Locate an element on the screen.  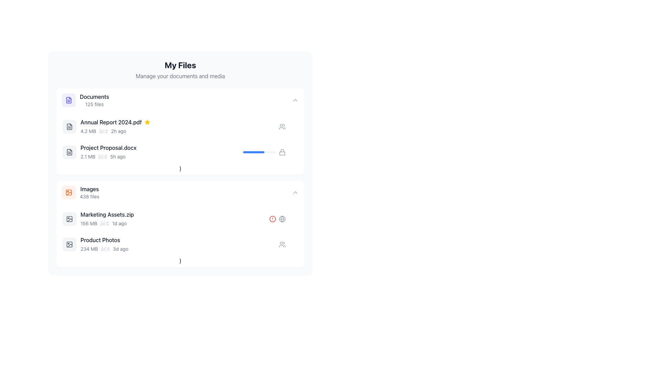
text displayed in the label showing '234 MB', which is the leftmost text in the row for the 'Product Photos' file details is located at coordinates (89, 249).